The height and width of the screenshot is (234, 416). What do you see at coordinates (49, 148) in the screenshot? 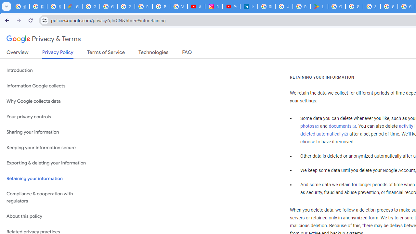
I see `'Keeping your information secure'` at bounding box center [49, 148].